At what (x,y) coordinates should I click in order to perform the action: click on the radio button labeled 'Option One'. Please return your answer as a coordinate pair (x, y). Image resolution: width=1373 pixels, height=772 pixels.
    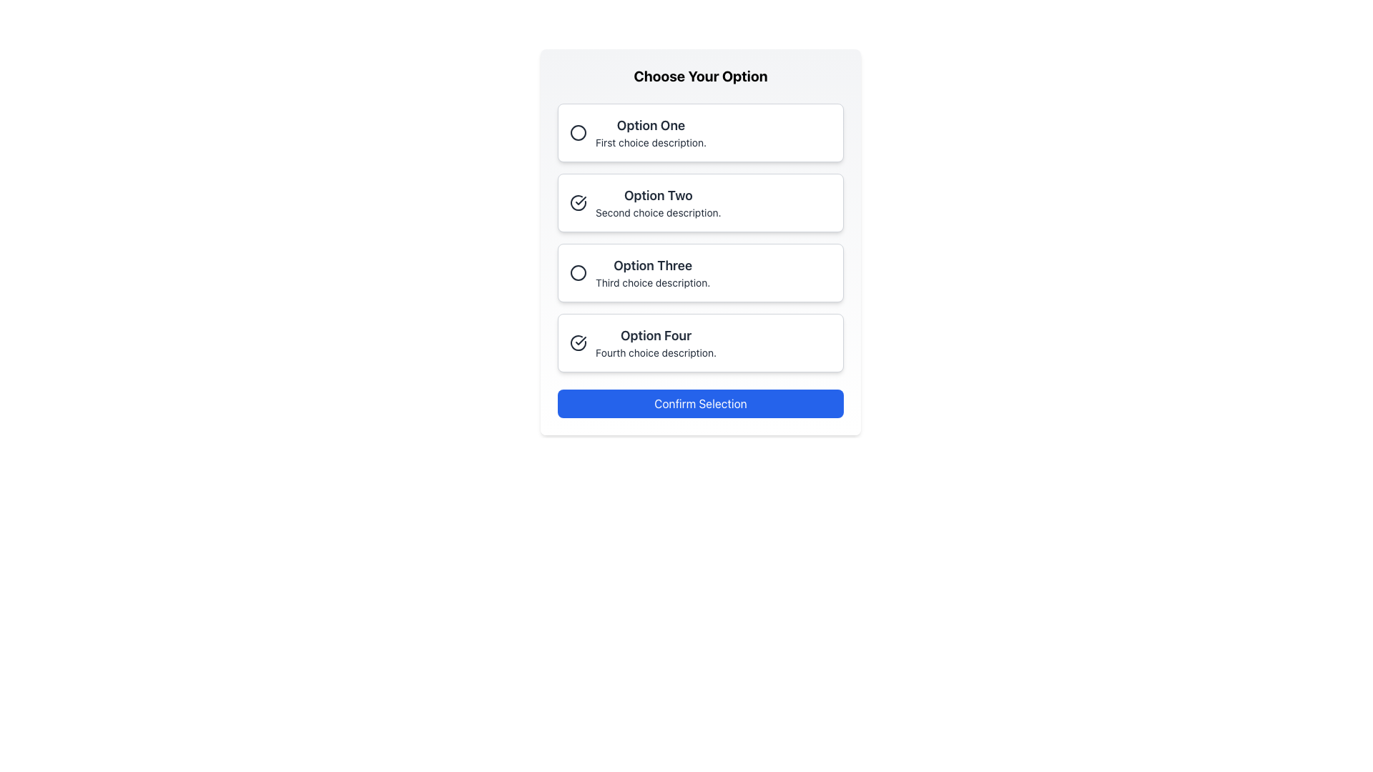
    Looking at the image, I should click on (700, 132).